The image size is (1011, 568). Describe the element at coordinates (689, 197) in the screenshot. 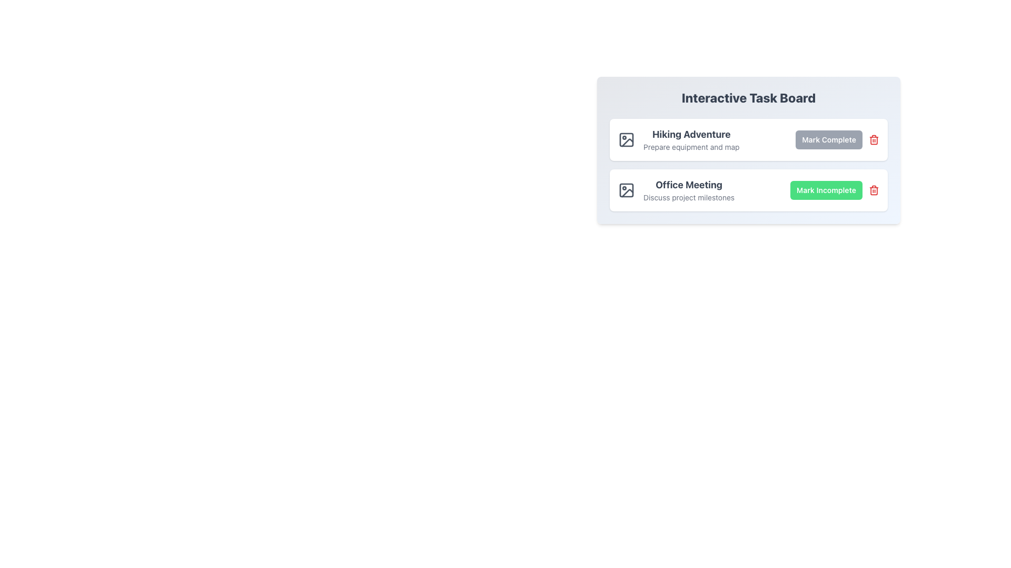

I see `the text label displaying 'Discuss project milestones' located under the 'Office Meeting' section` at that location.